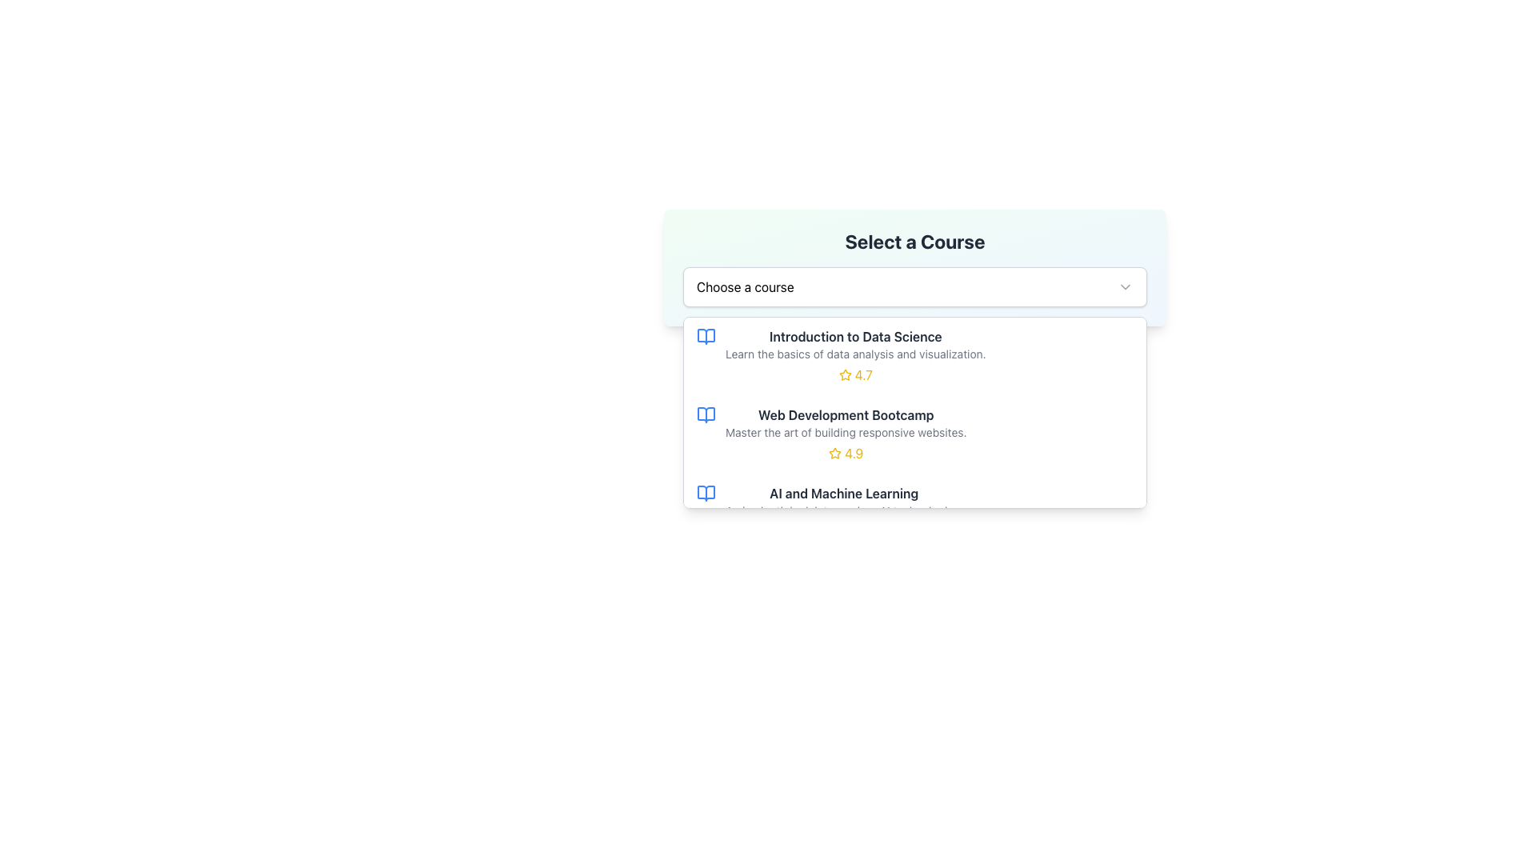 The width and height of the screenshot is (1536, 864). What do you see at coordinates (844, 375) in the screenshot?
I see `the star icon that represents the rating for the 'Introduction to Data Science' course, located next to the text '4.7' in the dropdown list` at bounding box center [844, 375].